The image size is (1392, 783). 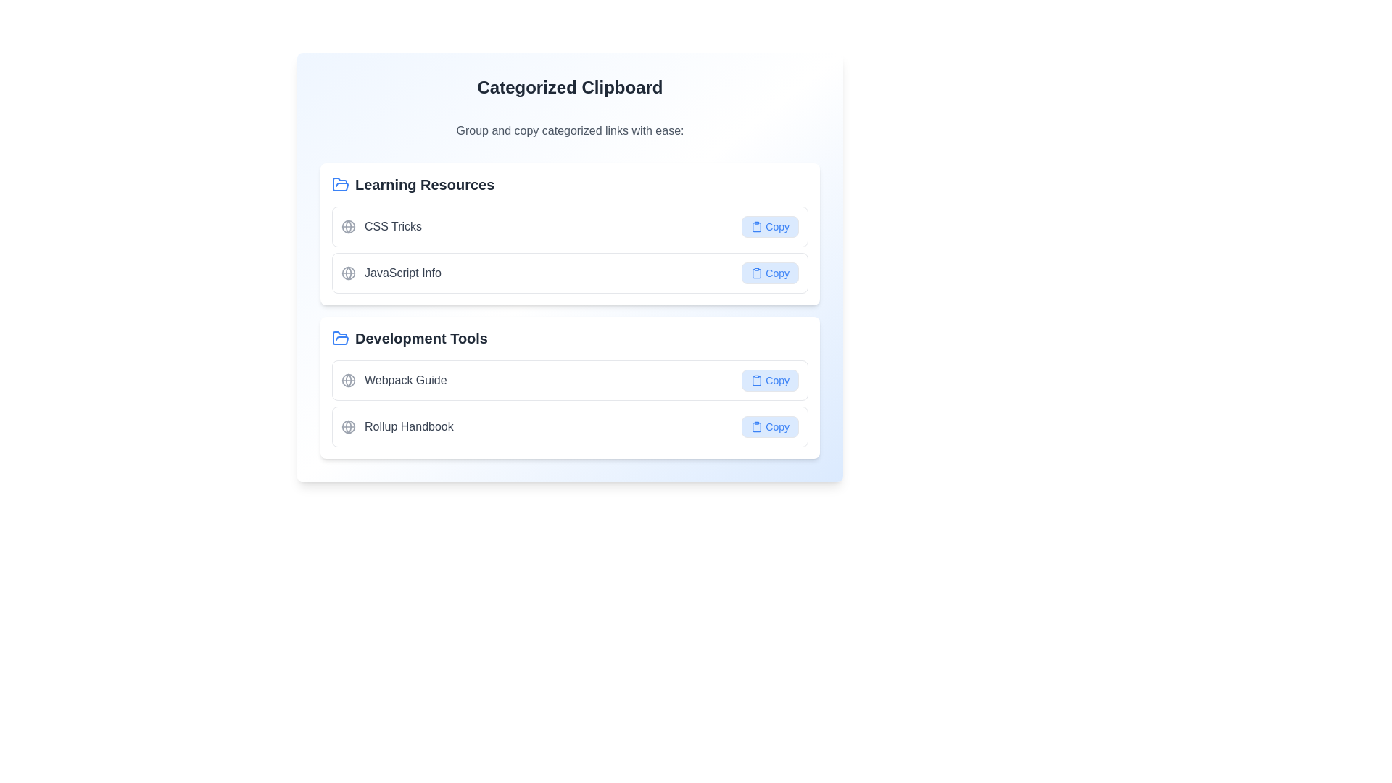 I want to click on the central circle of the globe icon located to the left of the text 'Webpack Guide' under the 'Development Tools' section, so click(x=348, y=379).